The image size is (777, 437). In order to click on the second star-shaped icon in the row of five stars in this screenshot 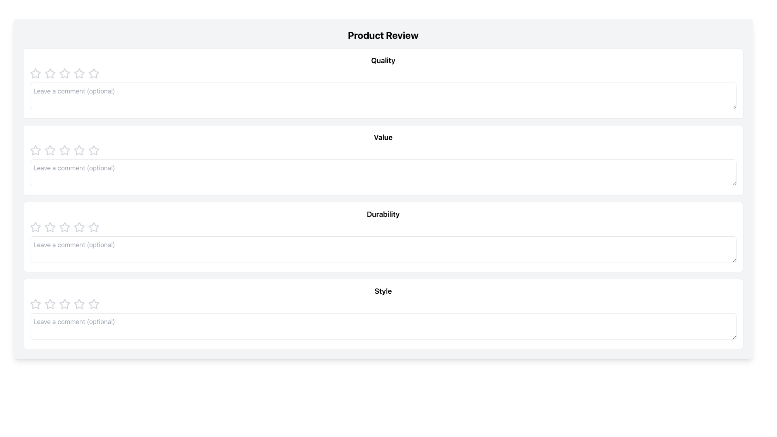, I will do `click(64, 150)`.